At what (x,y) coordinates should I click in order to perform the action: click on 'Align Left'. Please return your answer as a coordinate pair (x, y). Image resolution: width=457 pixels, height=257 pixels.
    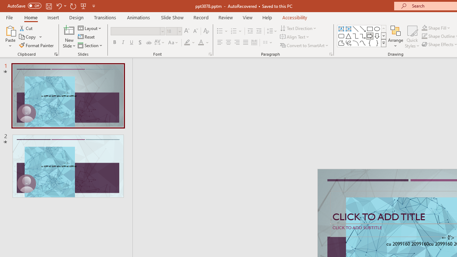
    Looking at the image, I should click on (220, 42).